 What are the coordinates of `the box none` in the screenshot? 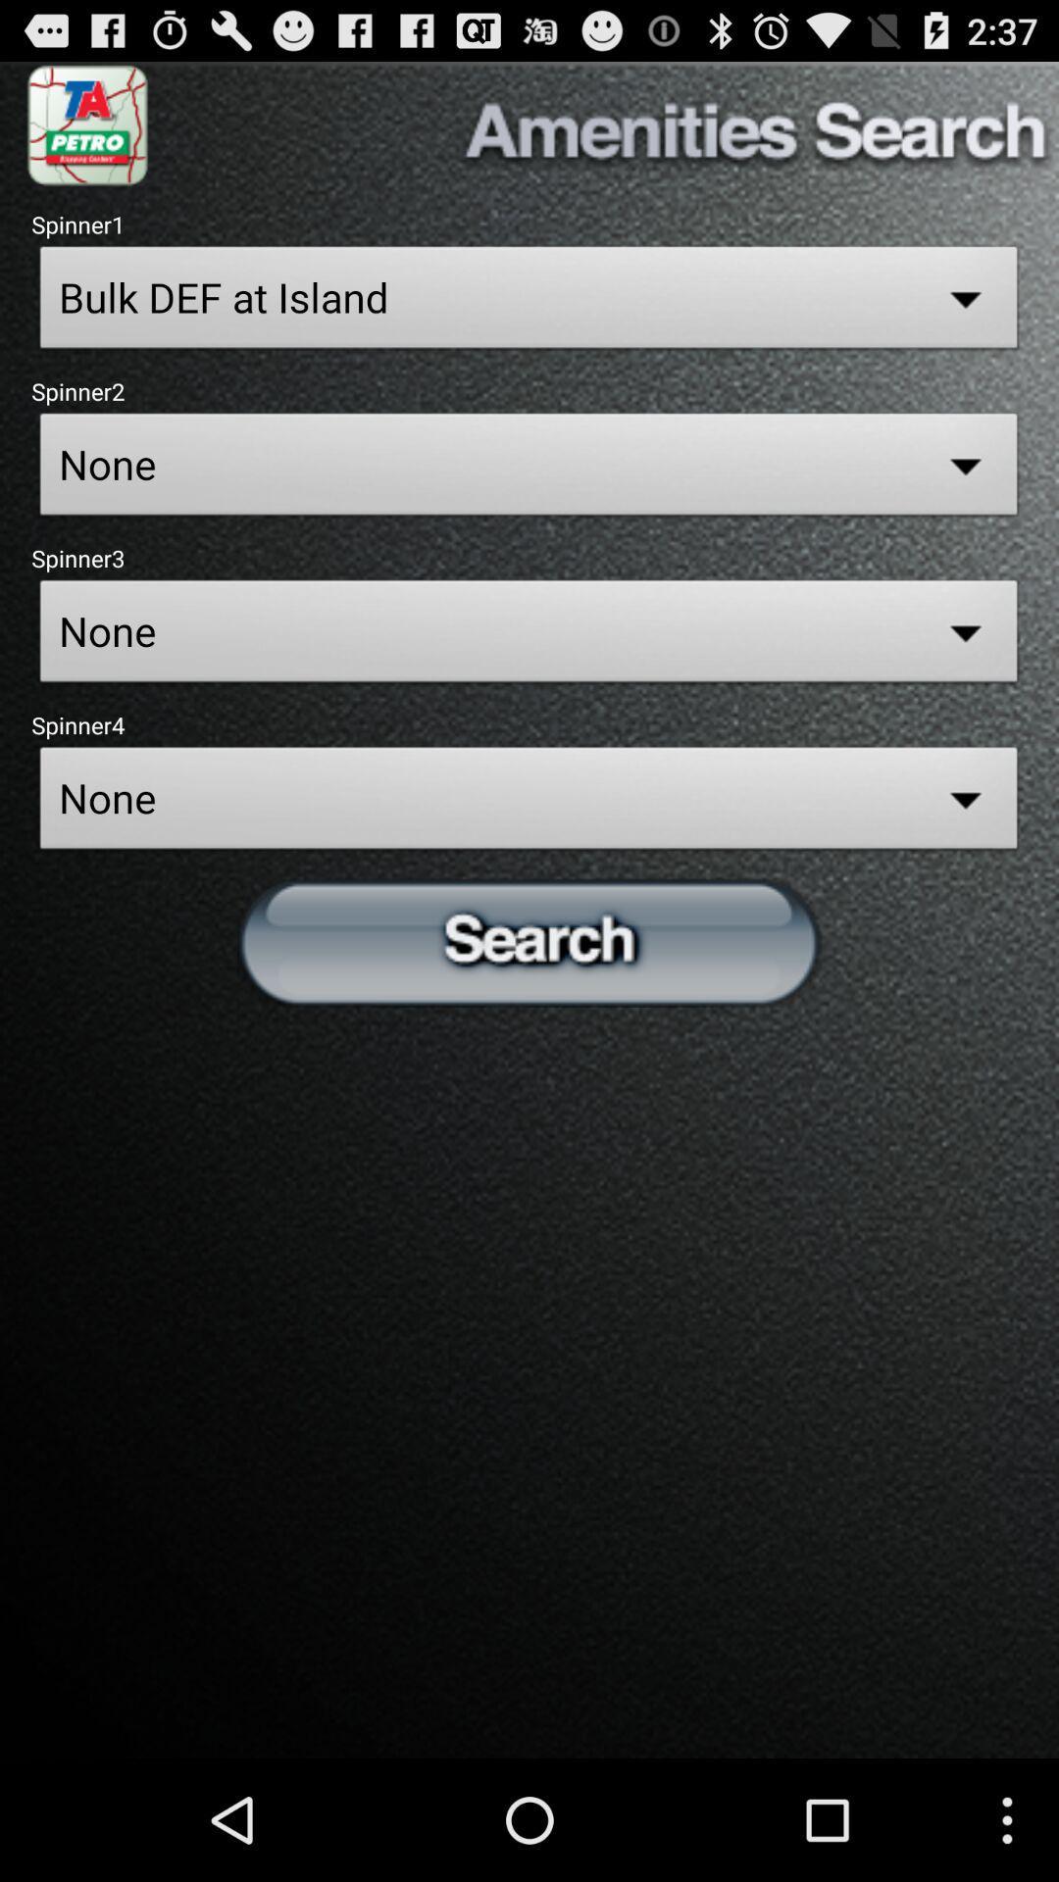 It's located at (529, 469).